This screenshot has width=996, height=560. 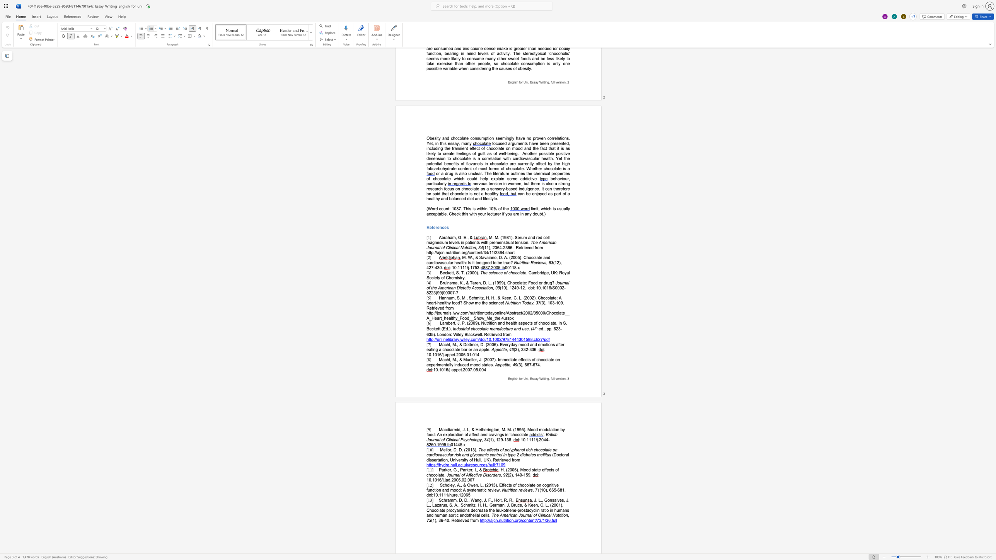 What do you see at coordinates (529, 323) in the screenshot?
I see `the space between the continuous character "c" and "t" in the text` at bounding box center [529, 323].